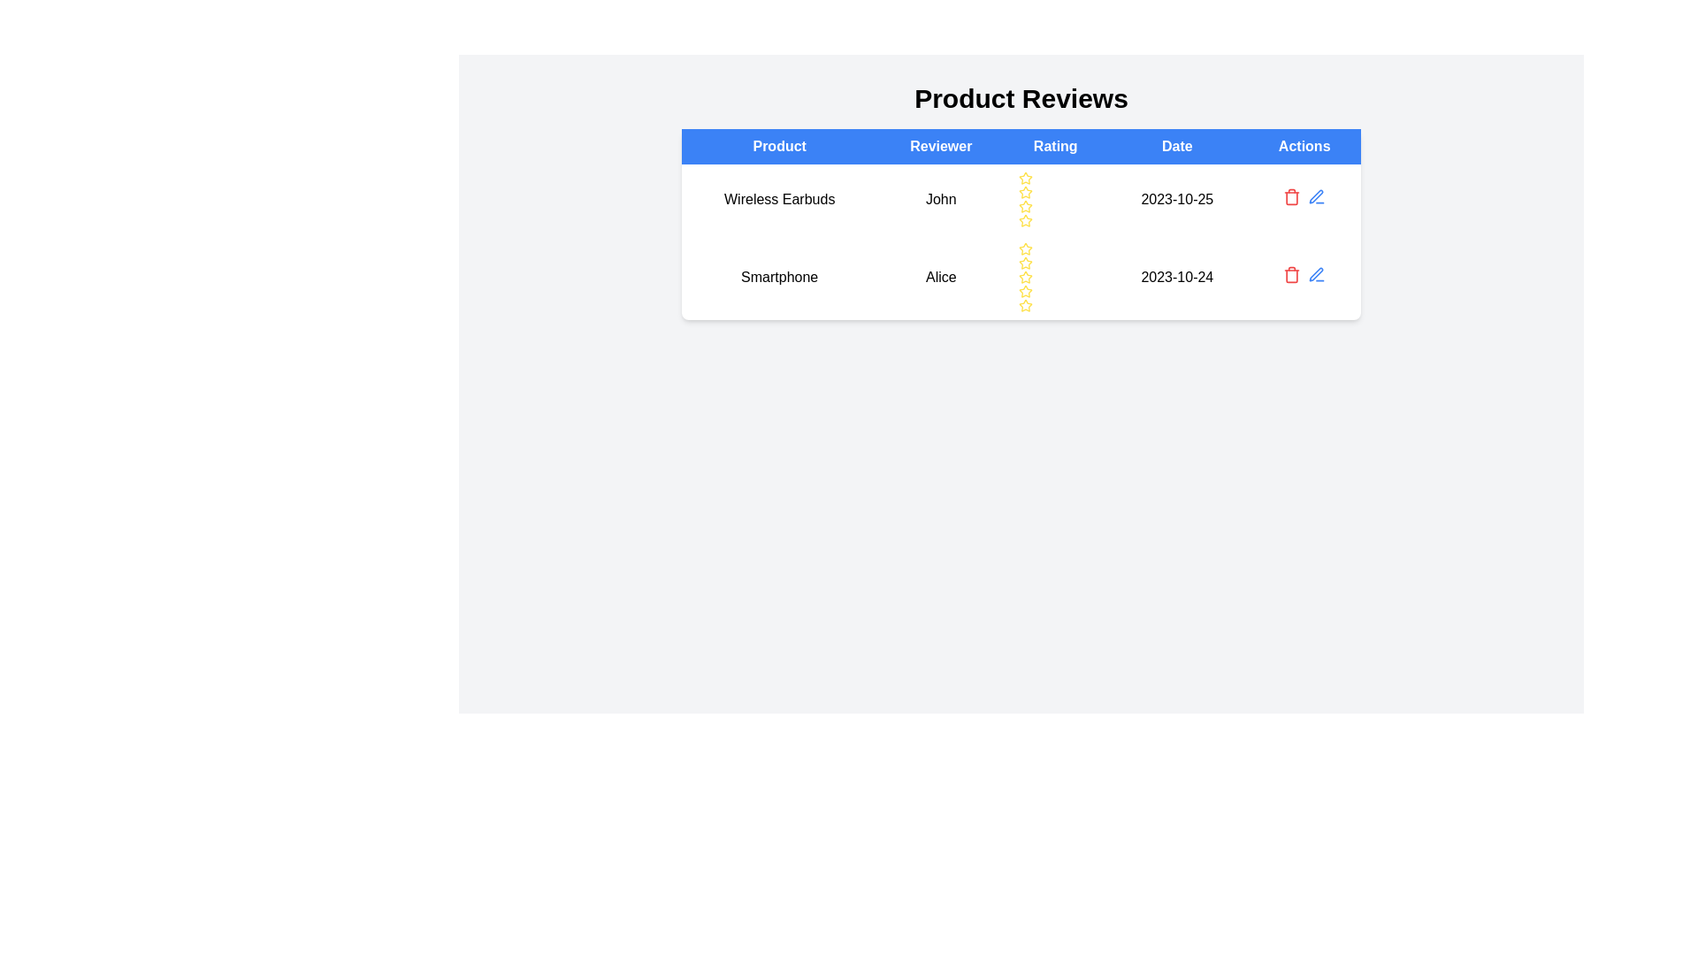 The width and height of the screenshot is (1698, 955). Describe the element at coordinates (1026, 304) in the screenshot. I see `the fifth star in the Star Rating Icon located in the 'Rating' column of the second row of the 'Product Reviews' table` at that location.